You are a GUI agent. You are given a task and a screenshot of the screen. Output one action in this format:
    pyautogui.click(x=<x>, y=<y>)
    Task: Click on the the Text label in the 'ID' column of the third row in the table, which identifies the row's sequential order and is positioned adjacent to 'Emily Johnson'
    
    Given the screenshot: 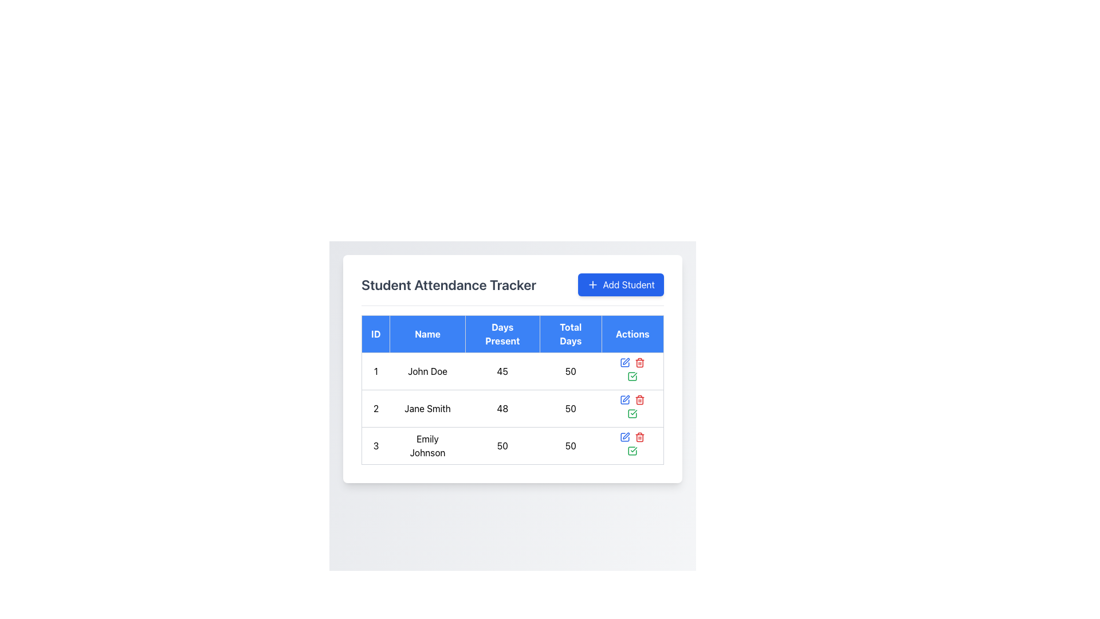 What is the action you would take?
    pyautogui.click(x=376, y=445)
    